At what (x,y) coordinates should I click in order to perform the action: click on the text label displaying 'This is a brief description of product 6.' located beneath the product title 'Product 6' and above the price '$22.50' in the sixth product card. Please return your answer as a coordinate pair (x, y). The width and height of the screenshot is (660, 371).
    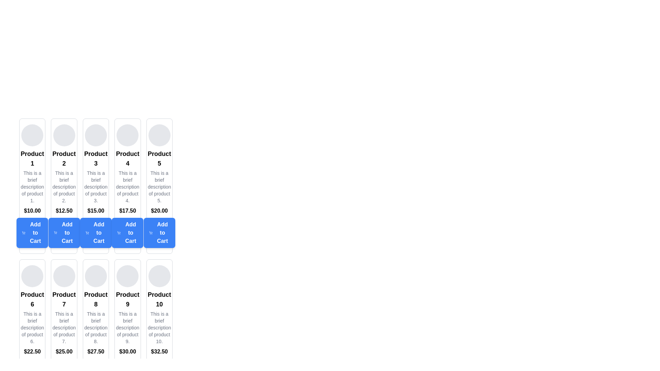
    Looking at the image, I should click on (32, 327).